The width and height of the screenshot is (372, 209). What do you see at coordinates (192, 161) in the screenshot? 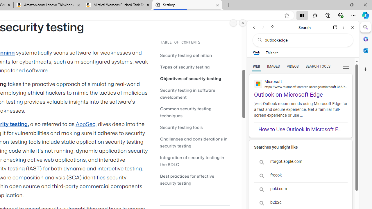
I see `'Integration of security testing in the SDLC'` at bounding box center [192, 161].